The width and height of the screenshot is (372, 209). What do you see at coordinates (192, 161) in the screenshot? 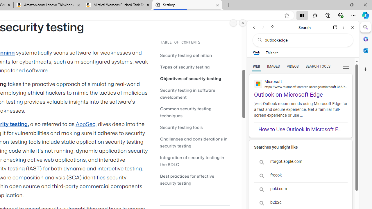
I see `'Integration of security testing in the SDLC'` at bounding box center [192, 161].